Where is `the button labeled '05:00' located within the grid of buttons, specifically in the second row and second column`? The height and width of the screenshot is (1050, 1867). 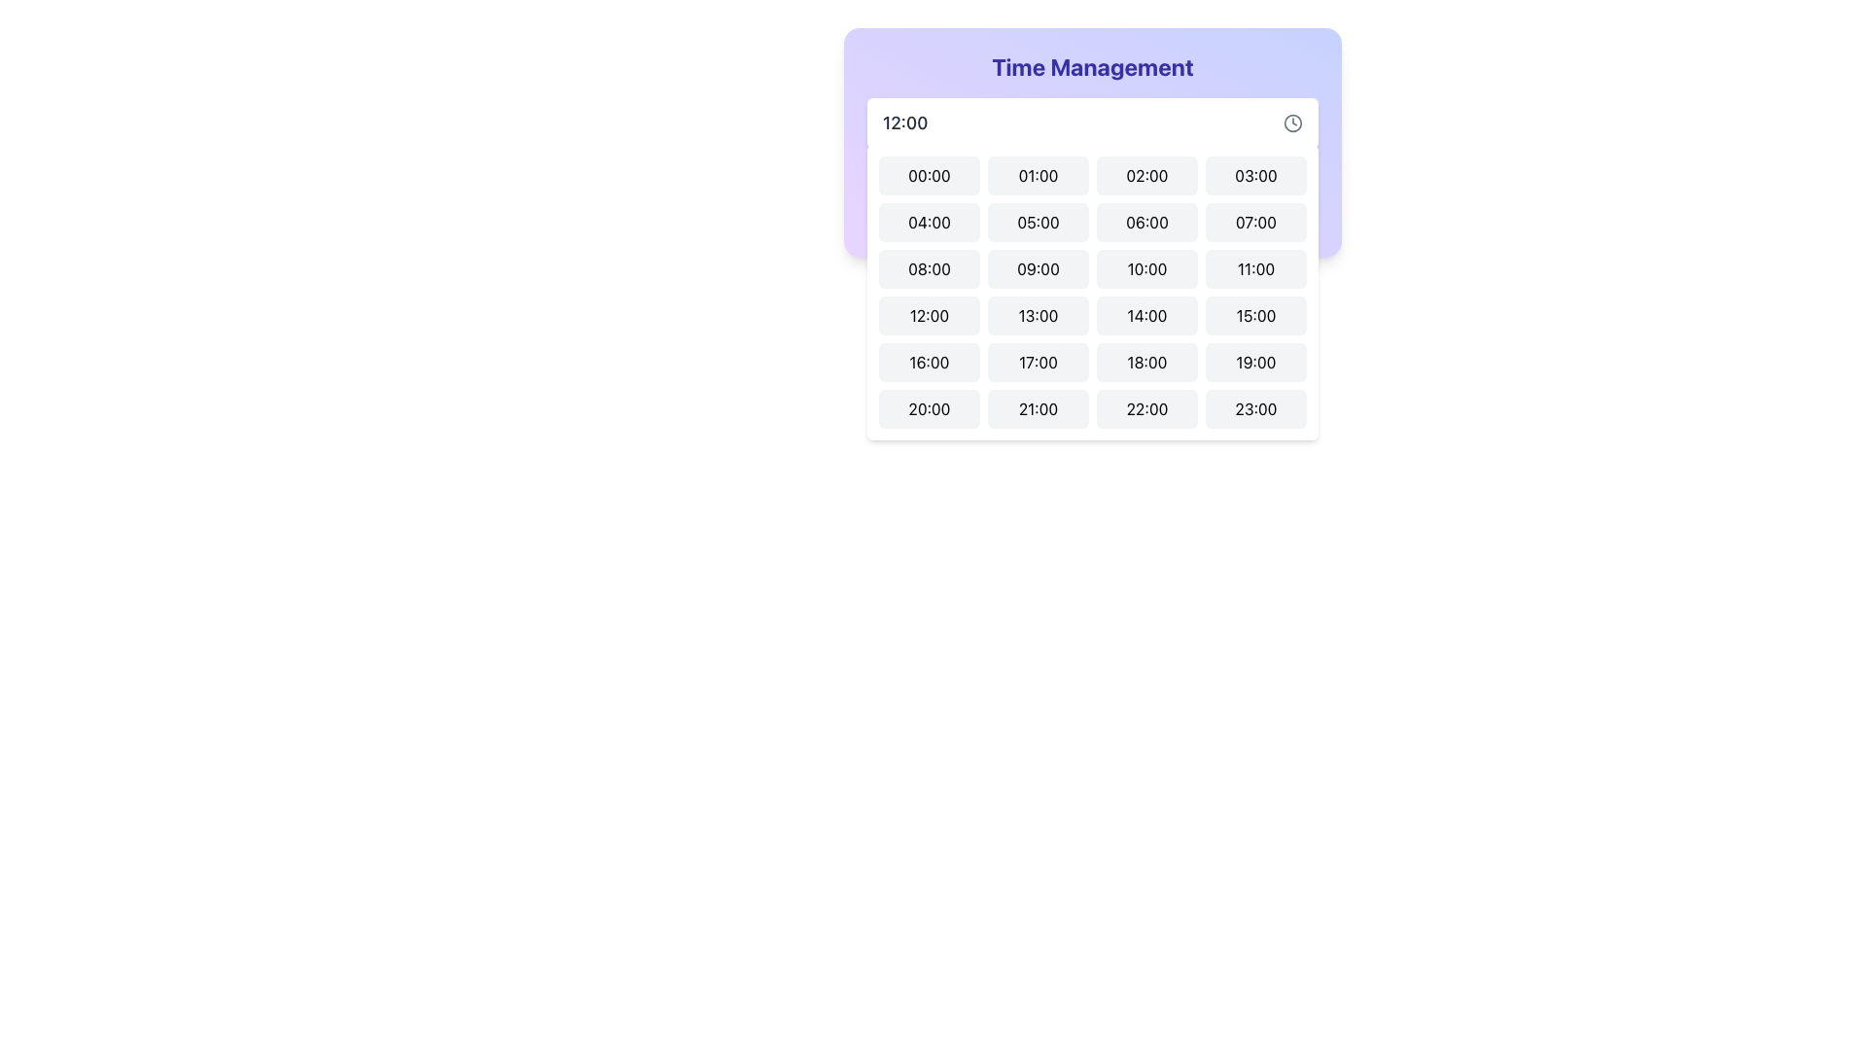 the button labeled '05:00' located within the grid of buttons, specifically in the second row and second column is located at coordinates (1038, 221).